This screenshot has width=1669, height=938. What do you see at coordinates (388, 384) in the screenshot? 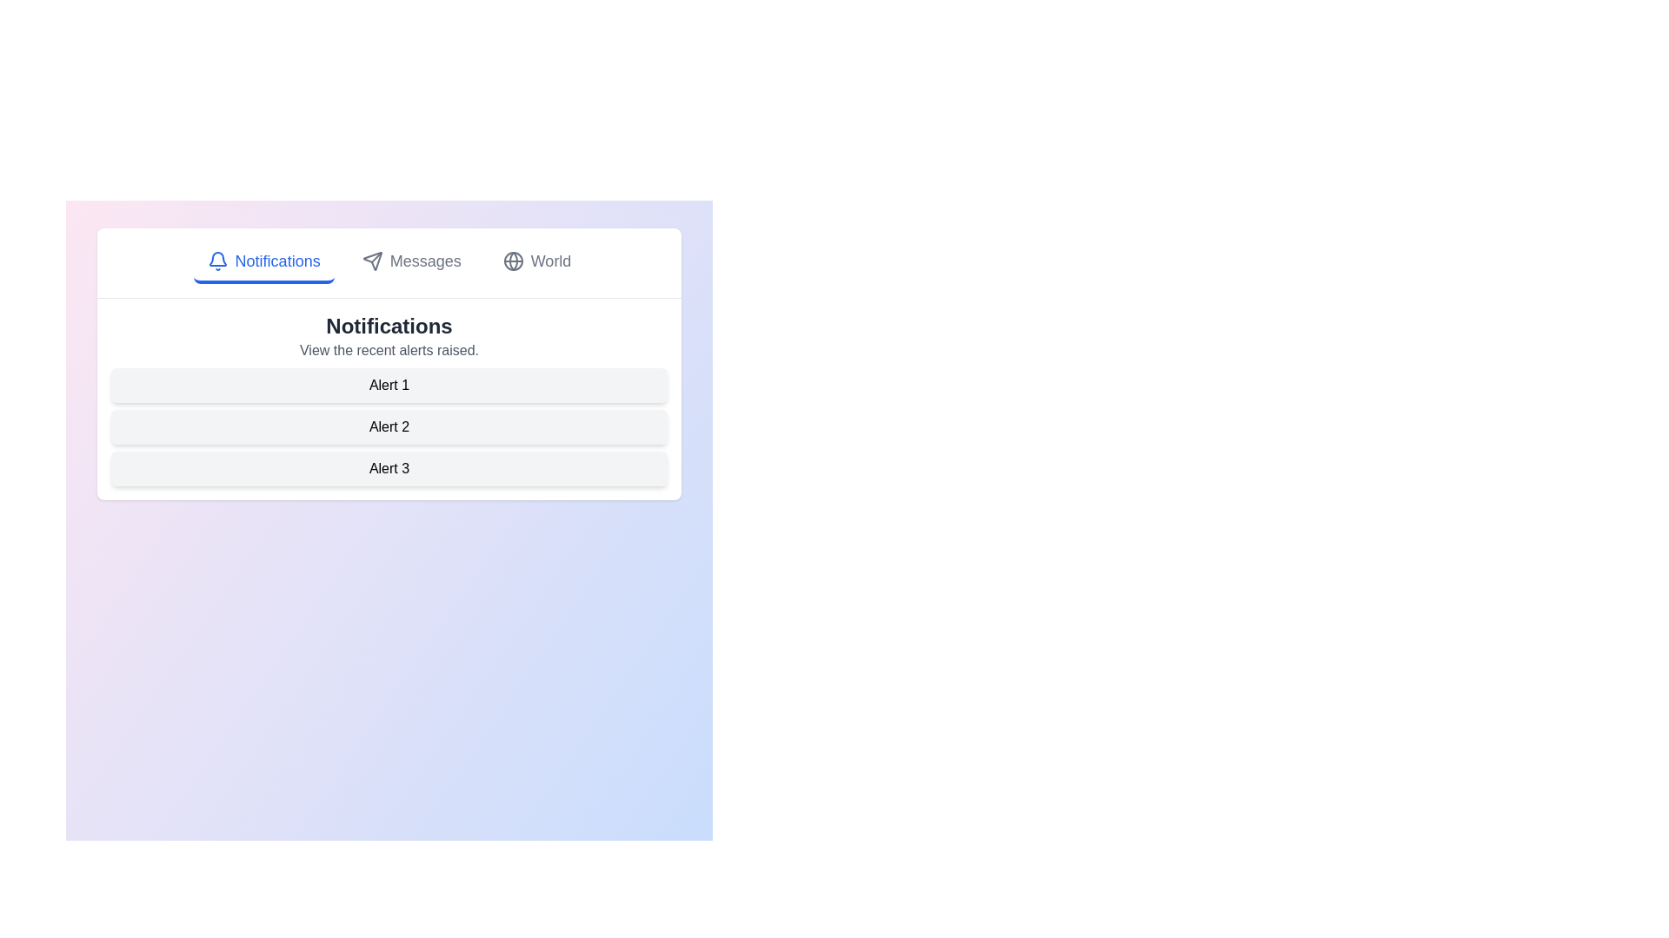
I see `the item Alert 1 from the list` at bounding box center [388, 384].